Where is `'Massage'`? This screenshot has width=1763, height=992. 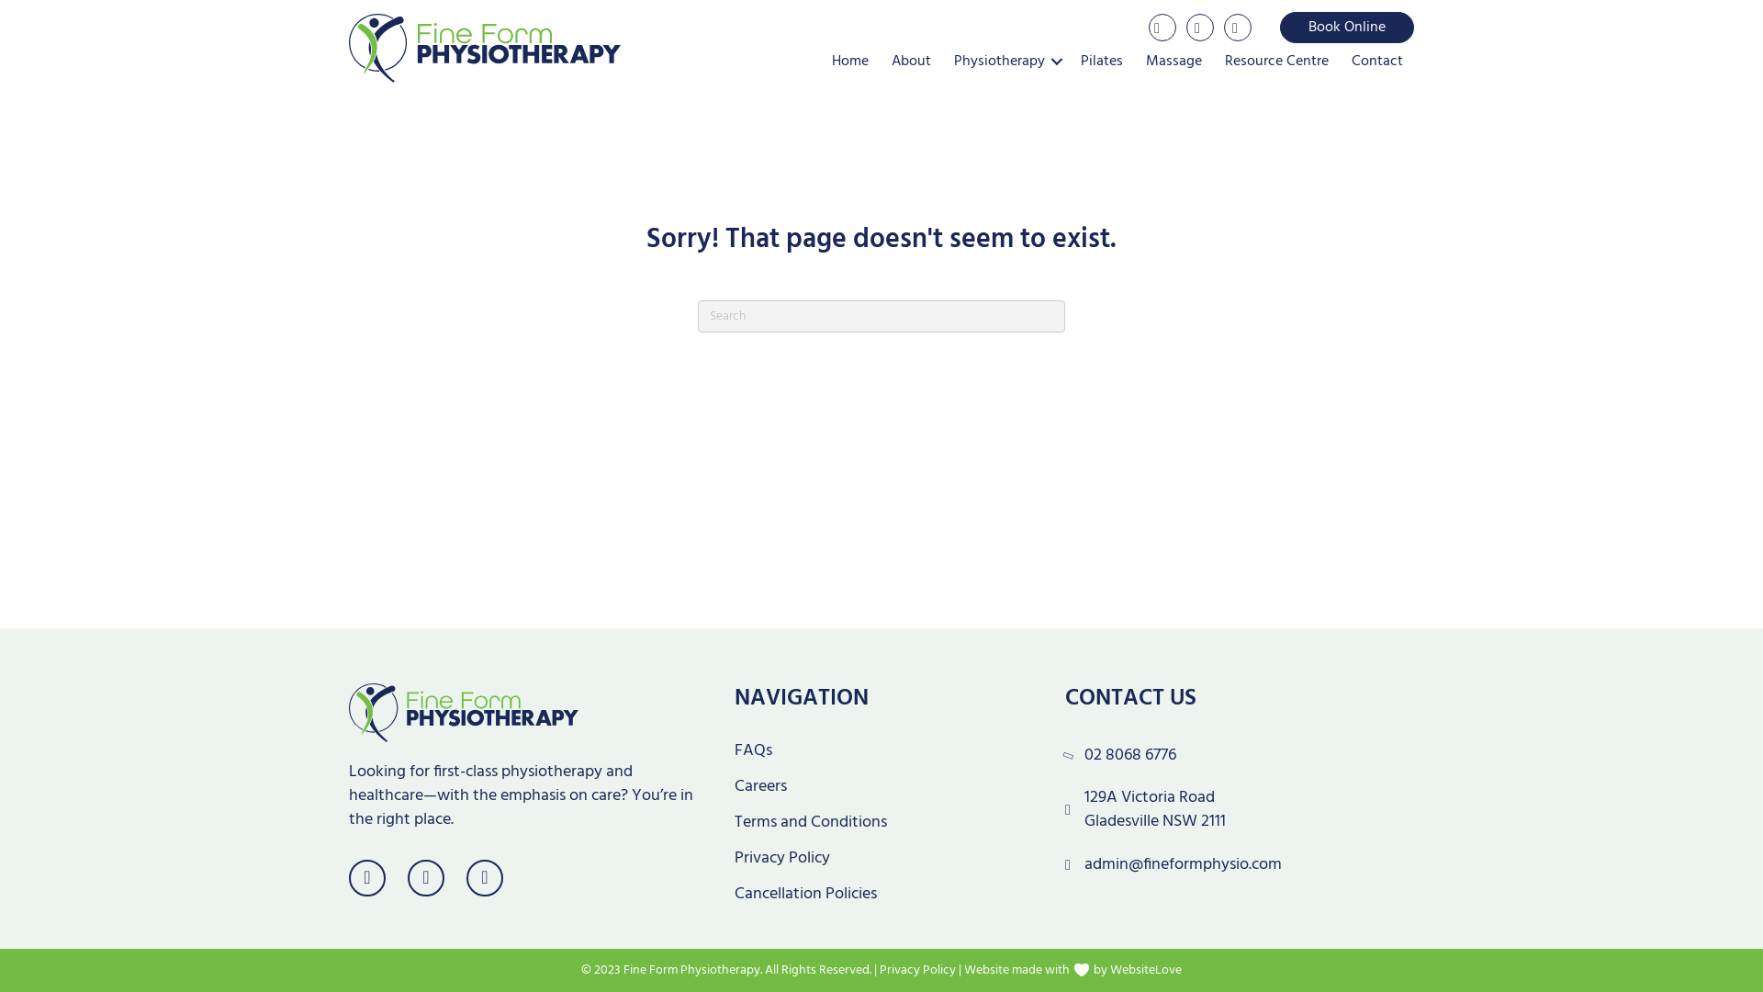
'Massage' is located at coordinates (1173, 60).